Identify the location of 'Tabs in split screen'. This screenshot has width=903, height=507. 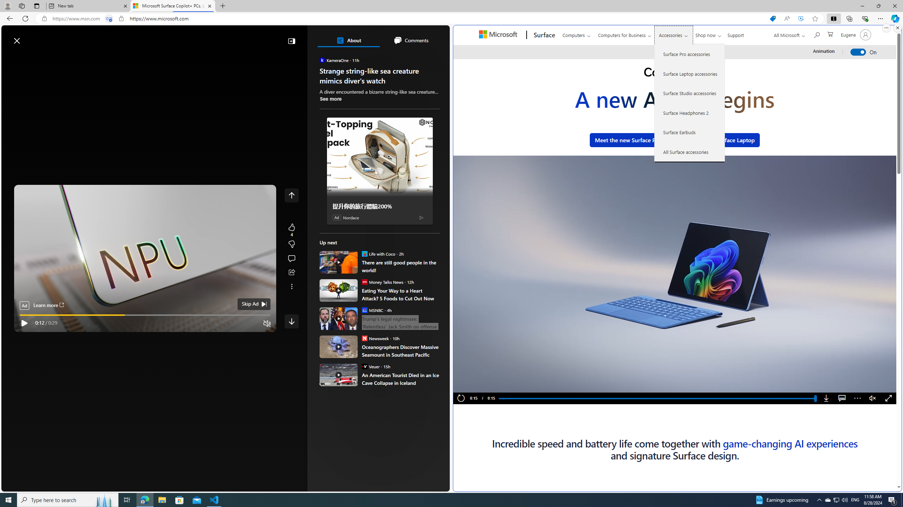
(109, 19).